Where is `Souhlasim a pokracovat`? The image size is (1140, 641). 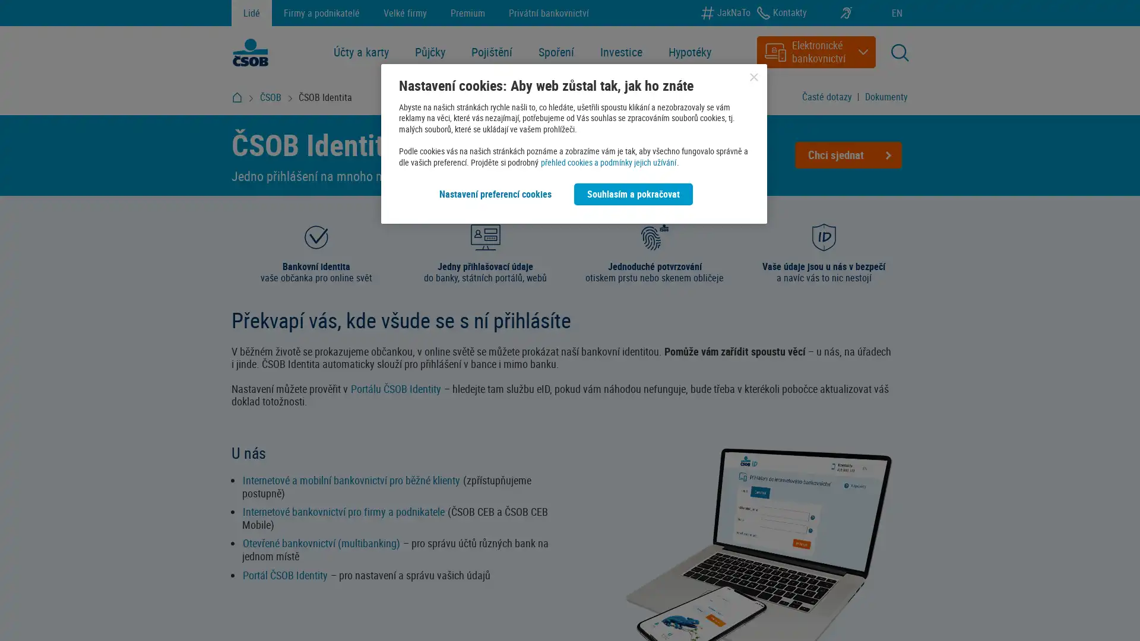
Souhlasim a pokracovat is located at coordinates (632, 193).